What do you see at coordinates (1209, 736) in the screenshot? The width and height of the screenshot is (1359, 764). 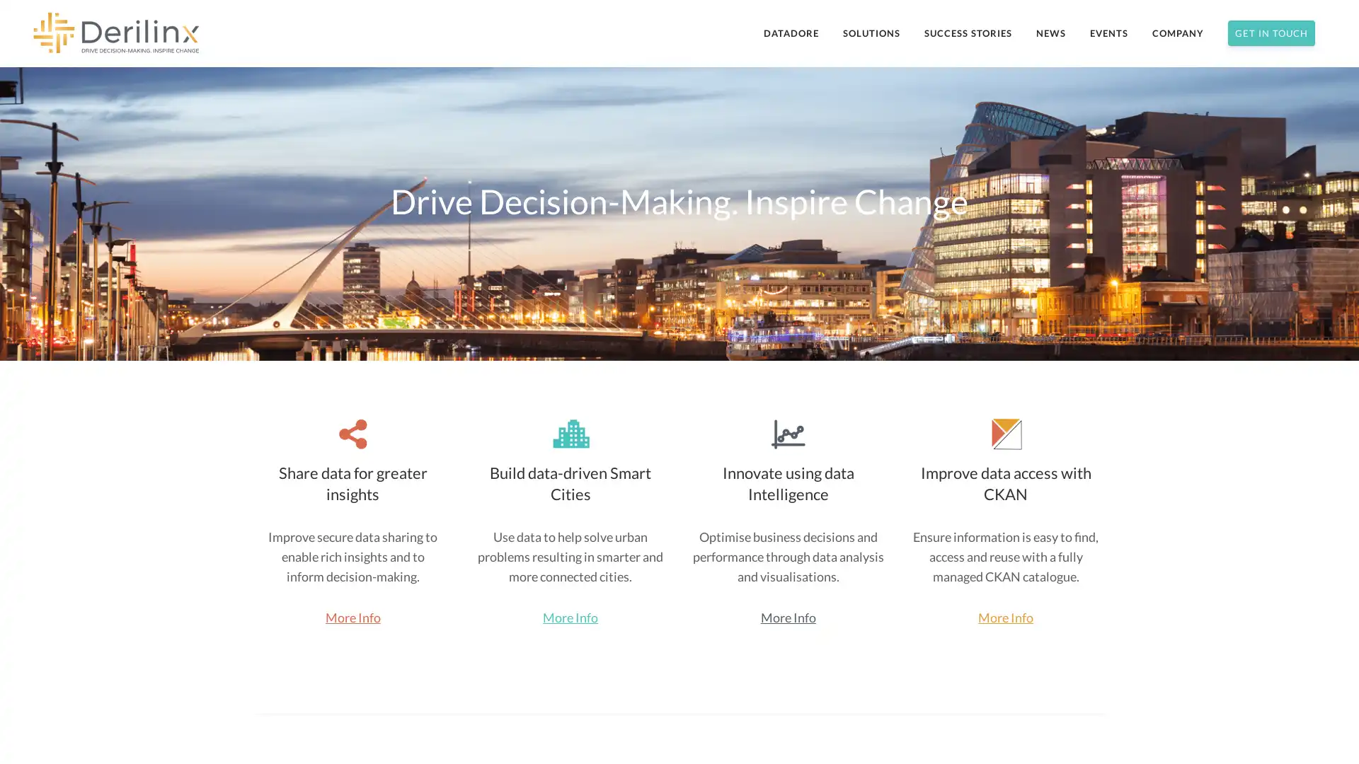 I see `Subscribe Now` at bounding box center [1209, 736].